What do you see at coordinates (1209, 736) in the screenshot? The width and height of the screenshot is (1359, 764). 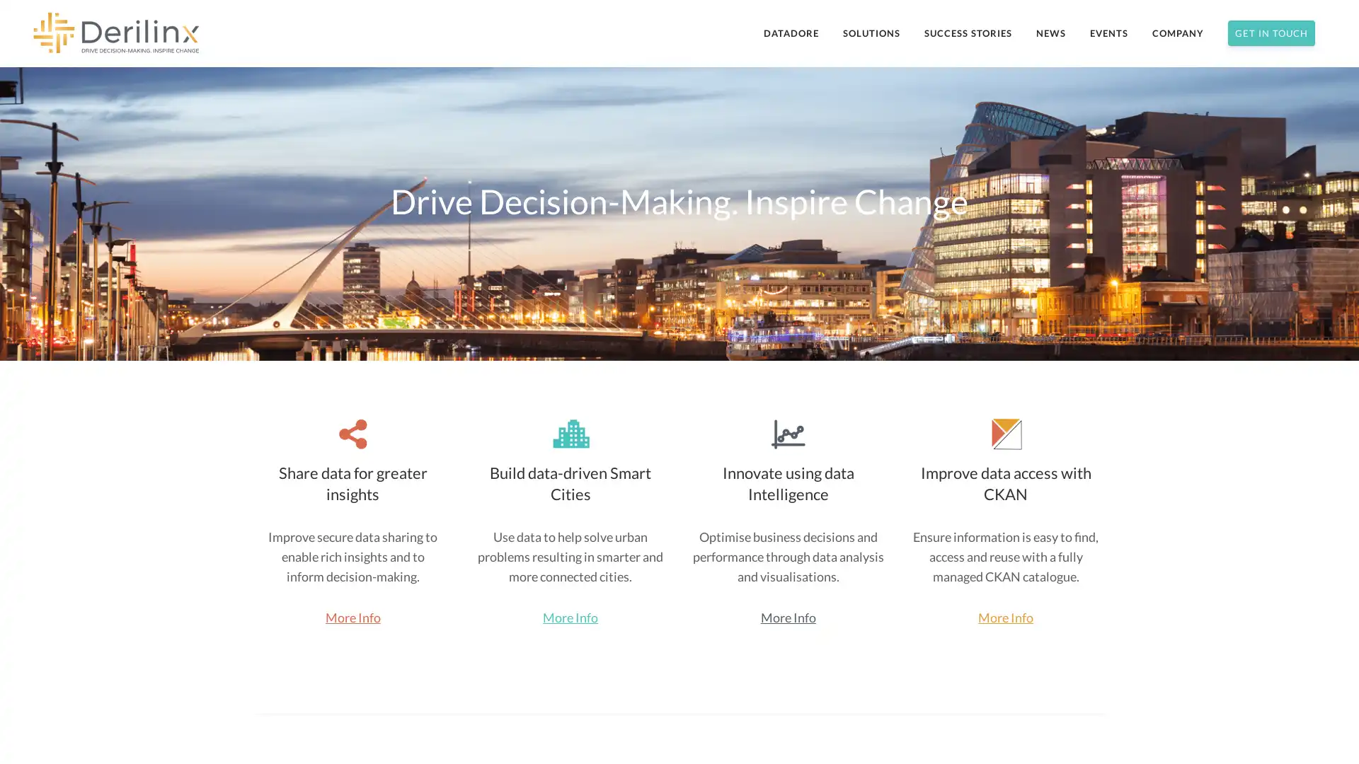 I see `Subscribe Now` at bounding box center [1209, 736].